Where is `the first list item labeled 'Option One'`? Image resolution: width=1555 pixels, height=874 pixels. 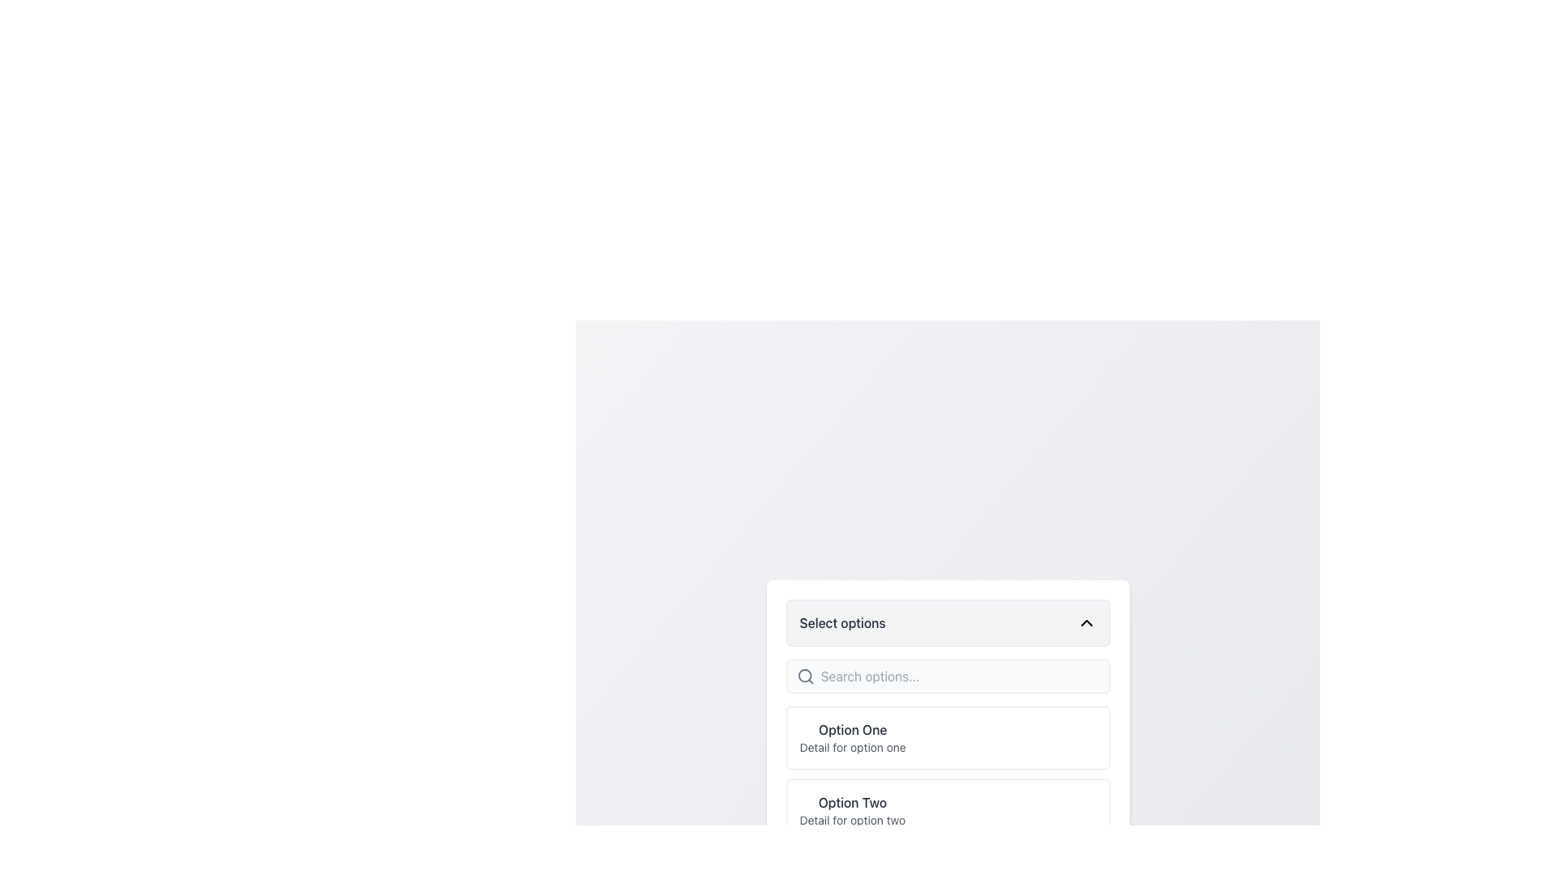 the first list item labeled 'Option One' is located at coordinates (852, 737).